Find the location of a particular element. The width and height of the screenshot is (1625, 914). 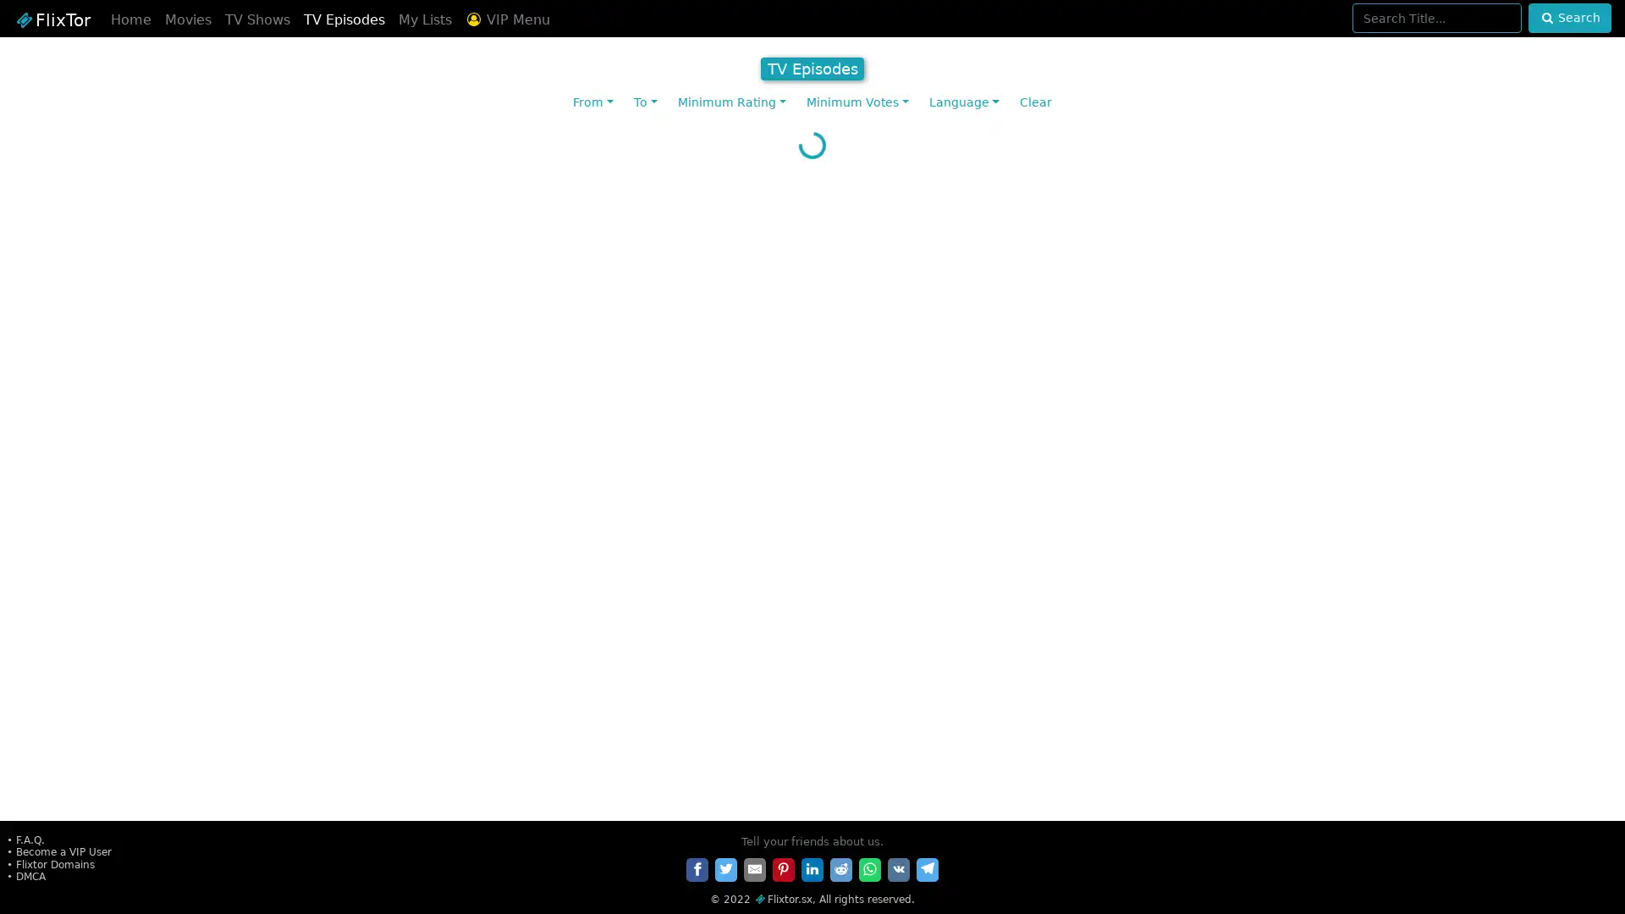

Watch Now is located at coordinates (521, 584).